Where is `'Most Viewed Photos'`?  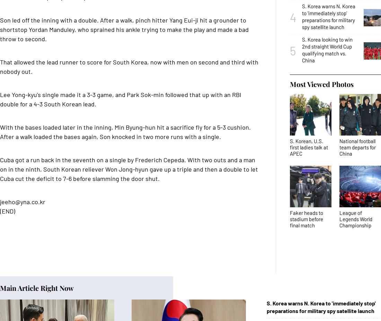 'Most Viewed Photos' is located at coordinates (321, 84).